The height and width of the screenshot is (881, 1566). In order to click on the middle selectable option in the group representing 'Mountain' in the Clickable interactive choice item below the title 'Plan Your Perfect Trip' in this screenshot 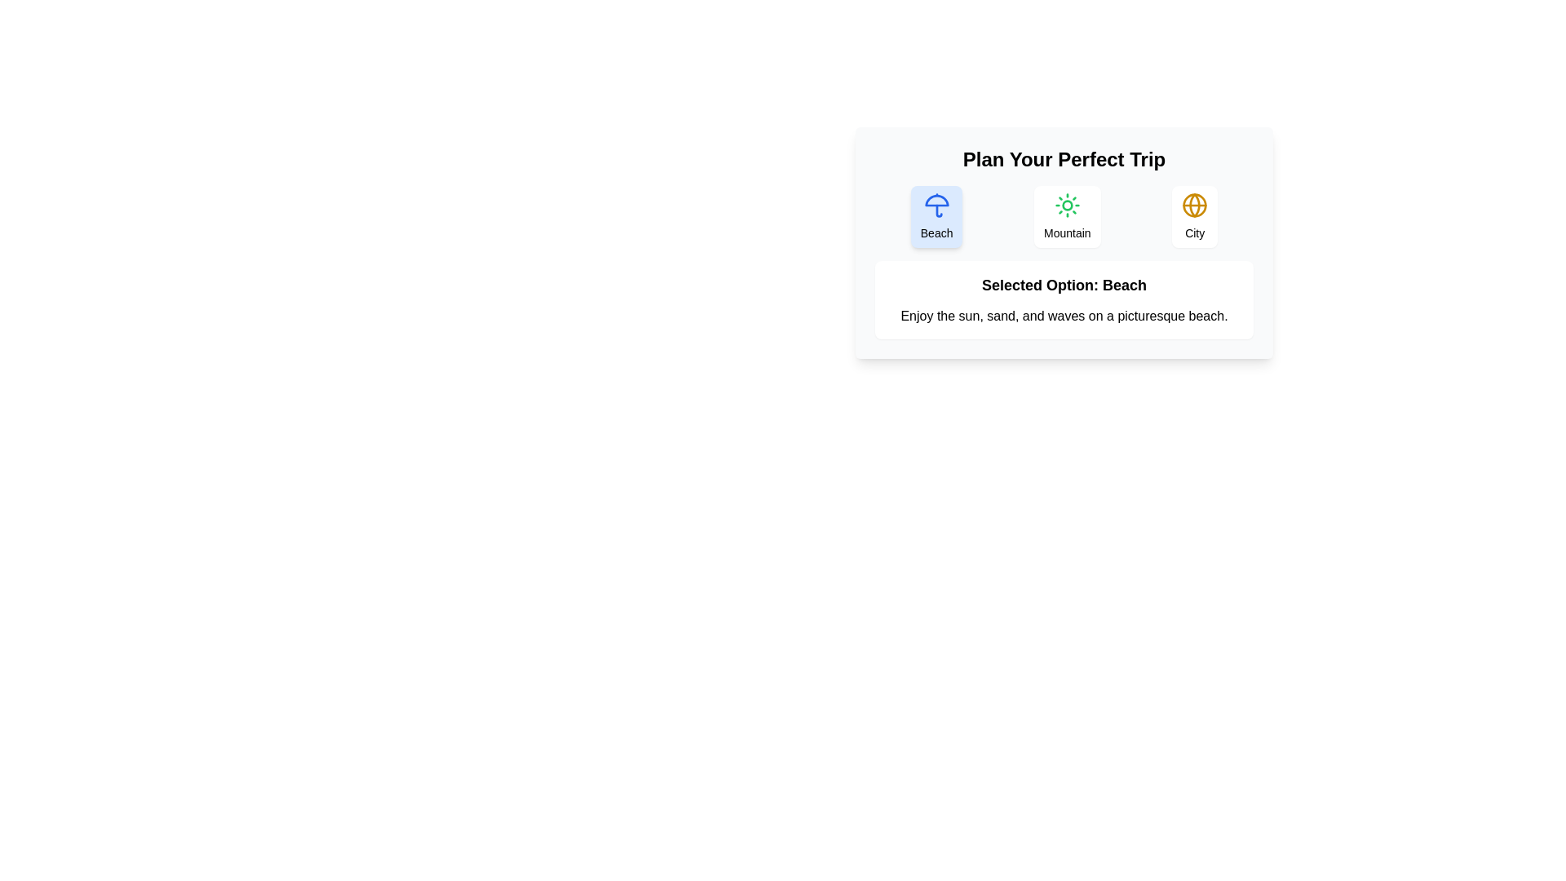, I will do `click(1064, 216)`.